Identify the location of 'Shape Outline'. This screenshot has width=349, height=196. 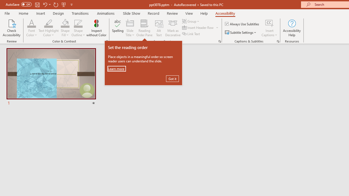
(78, 28).